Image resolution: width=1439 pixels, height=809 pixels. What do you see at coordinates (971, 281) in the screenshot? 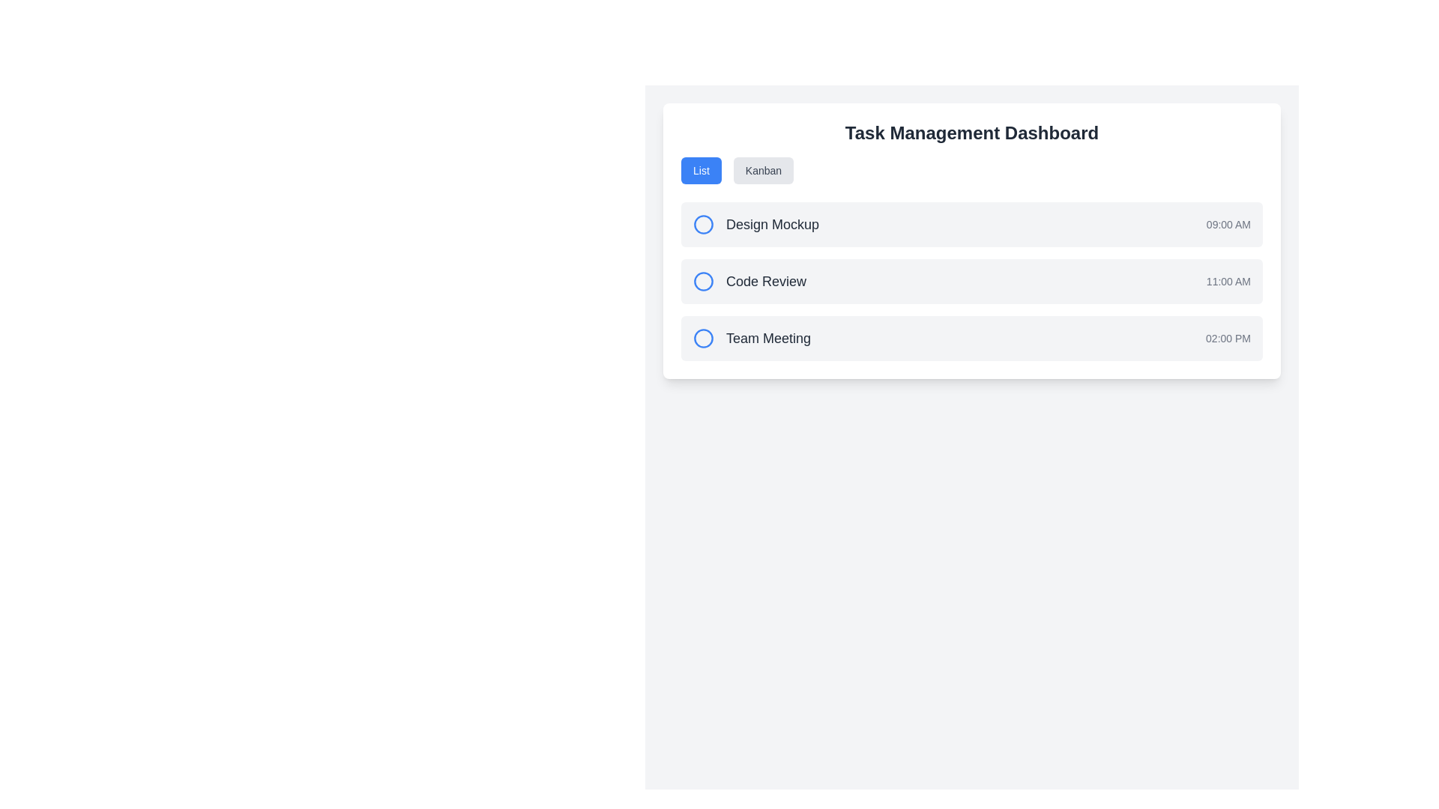
I see `the List Item displaying the scheduled event 'Code Review' at 11:00 AM` at bounding box center [971, 281].